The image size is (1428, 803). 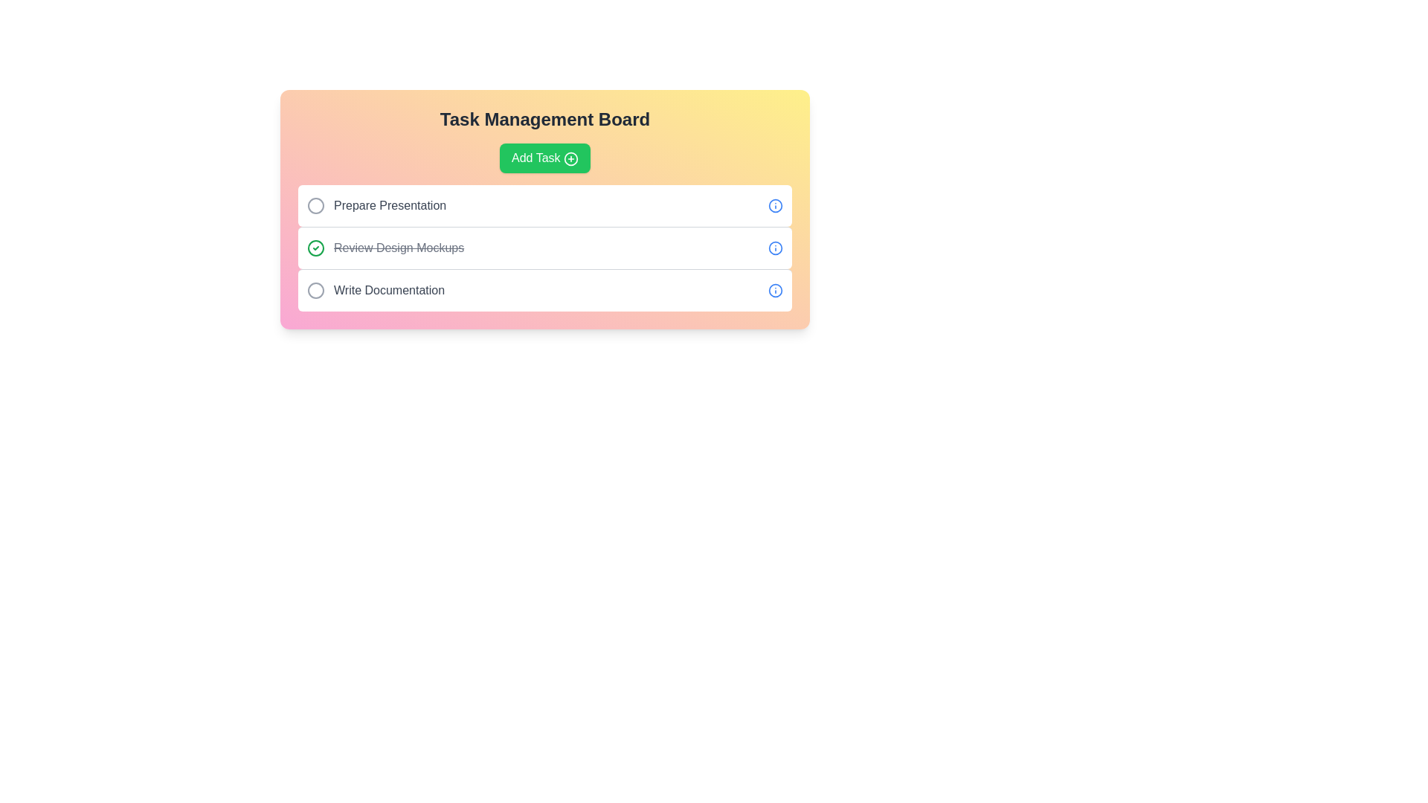 I want to click on the 'Info' icon next to the task 'Write Documentation' to view its details, so click(x=774, y=290).